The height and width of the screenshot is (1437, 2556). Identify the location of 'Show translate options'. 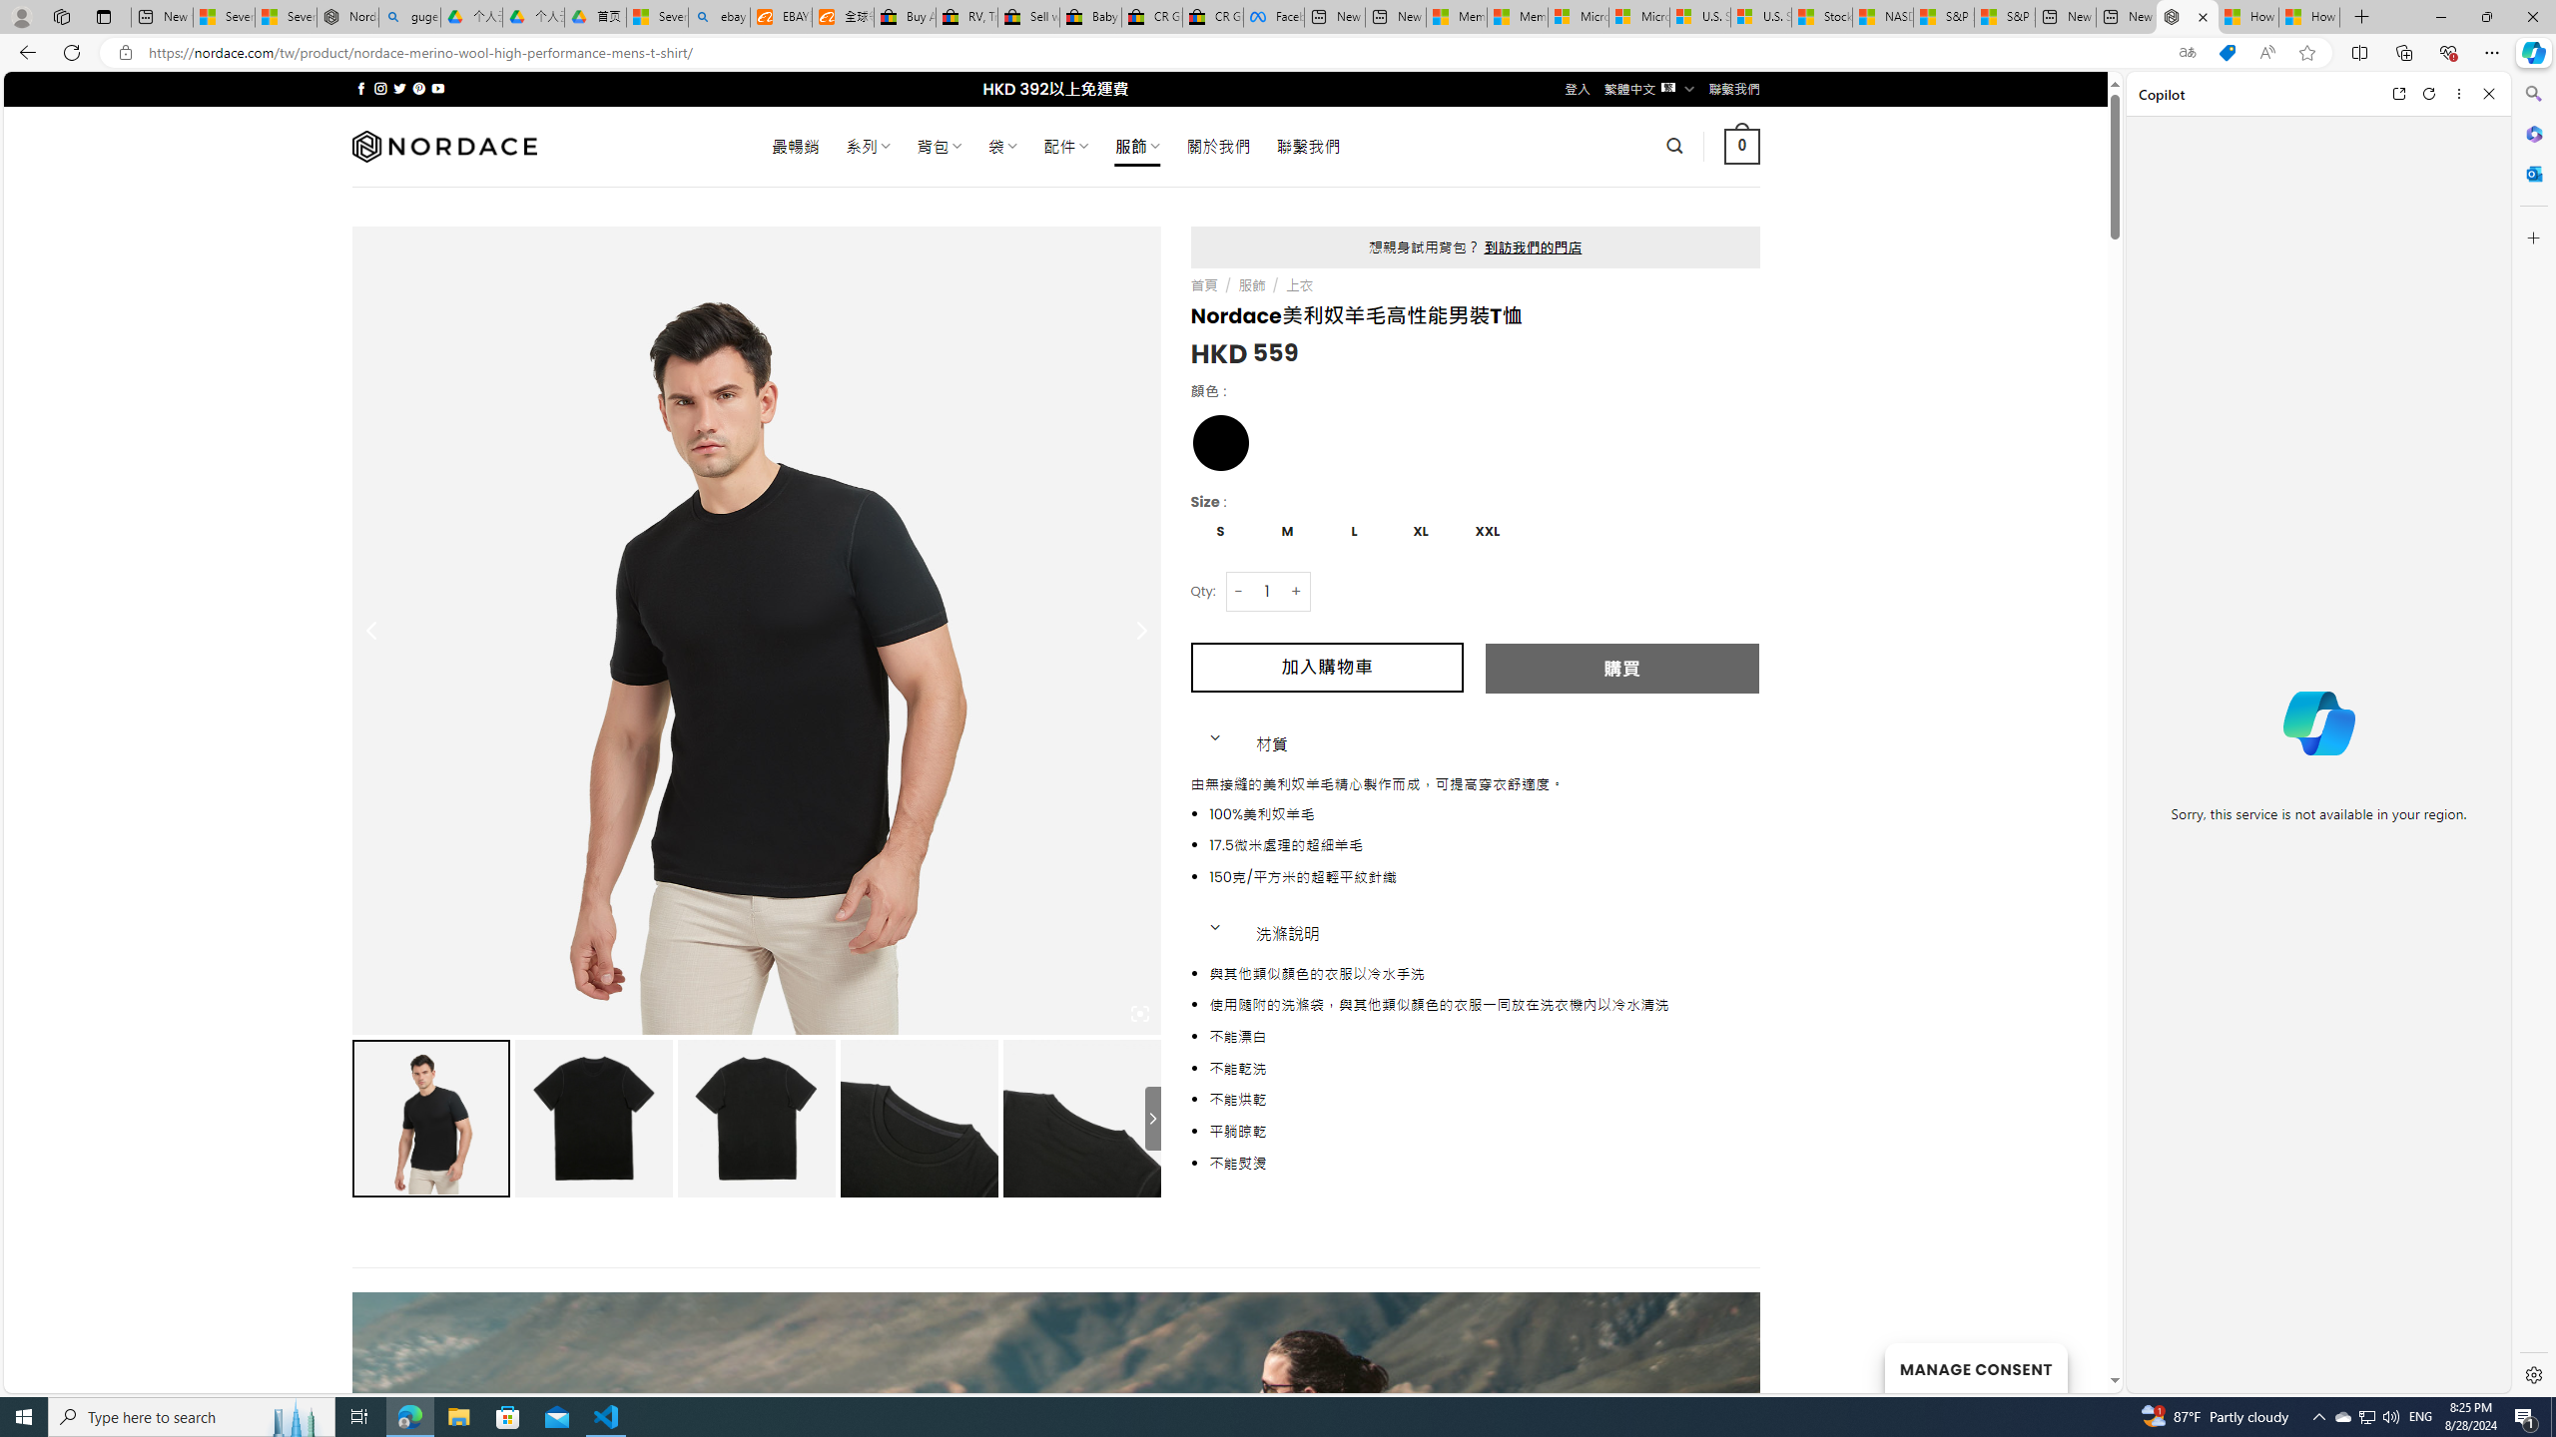
(2187, 53).